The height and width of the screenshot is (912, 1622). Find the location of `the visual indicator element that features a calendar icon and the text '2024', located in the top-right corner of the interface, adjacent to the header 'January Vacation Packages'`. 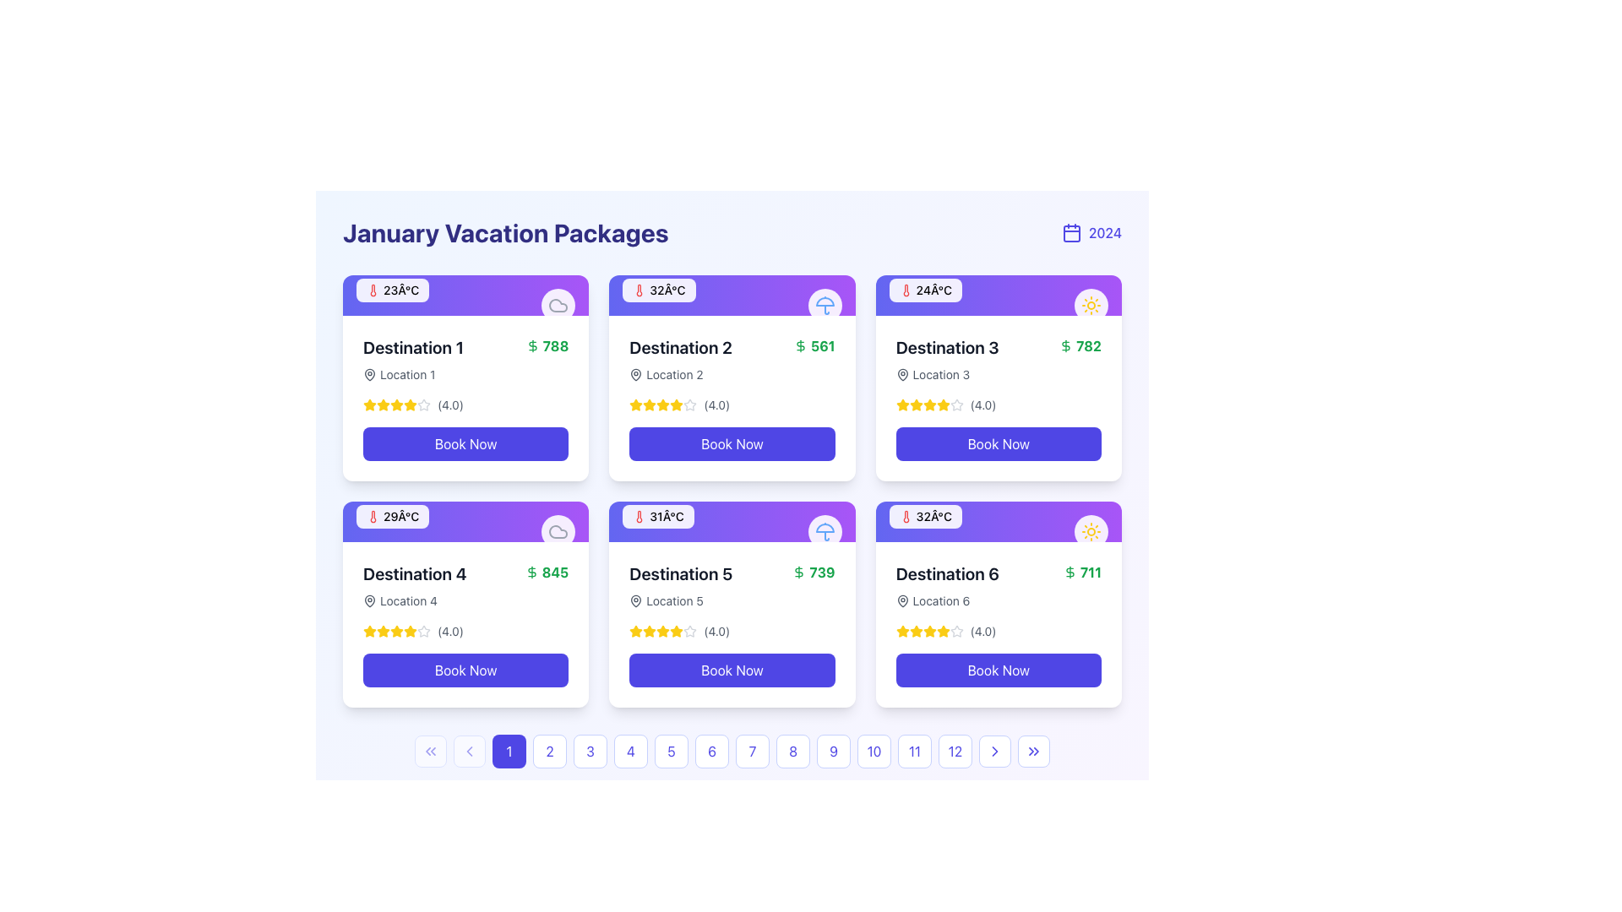

the visual indicator element that features a calendar icon and the text '2024', located in the top-right corner of the interface, adjacent to the header 'January Vacation Packages' is located at coordinates (1091, 233).